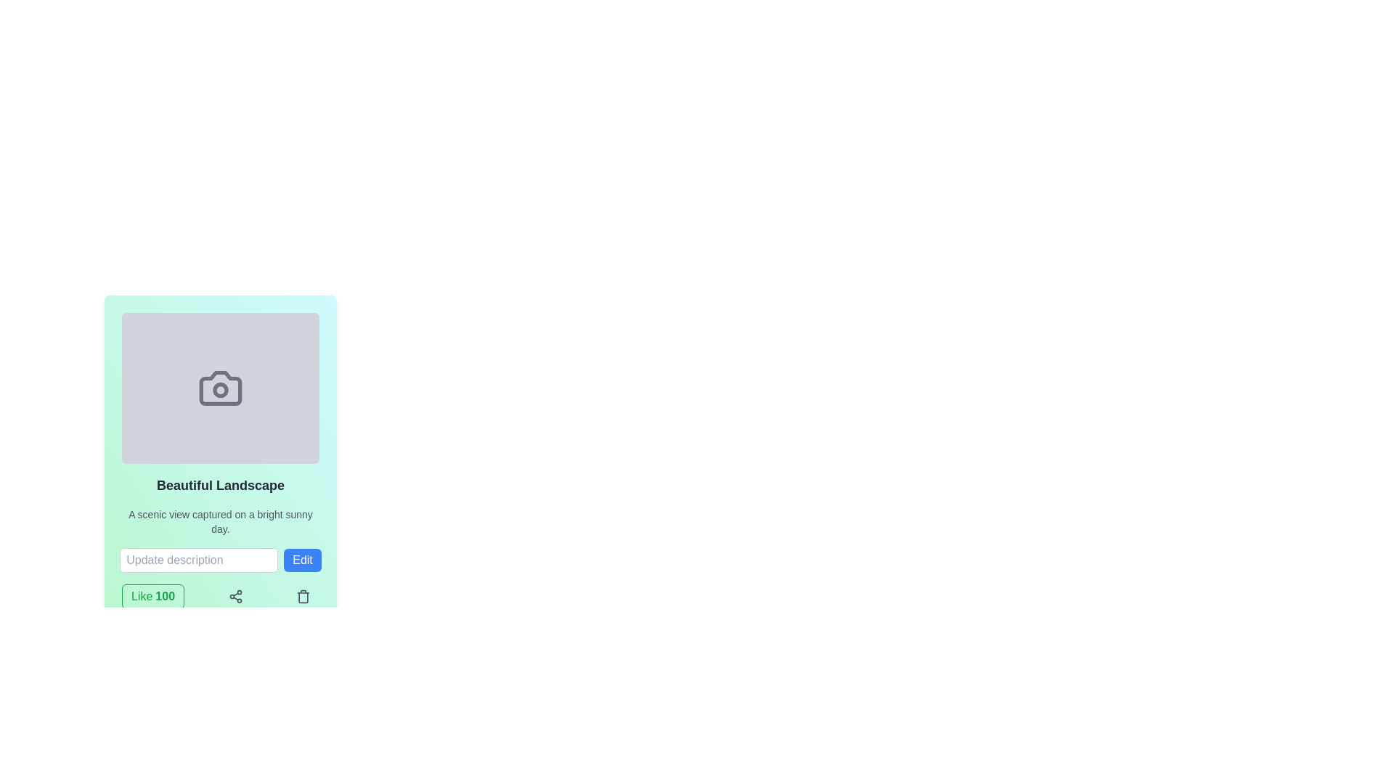  I want to click on the camera icon located in the center of a card-like layout framed in a light green background, so click(219, 388).